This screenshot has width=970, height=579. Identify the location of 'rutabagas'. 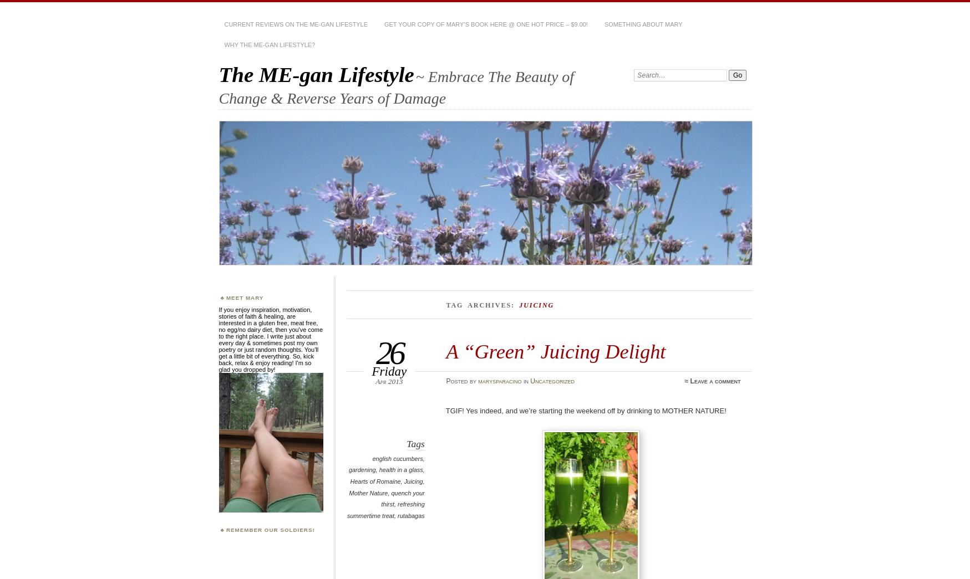
(397, 515).